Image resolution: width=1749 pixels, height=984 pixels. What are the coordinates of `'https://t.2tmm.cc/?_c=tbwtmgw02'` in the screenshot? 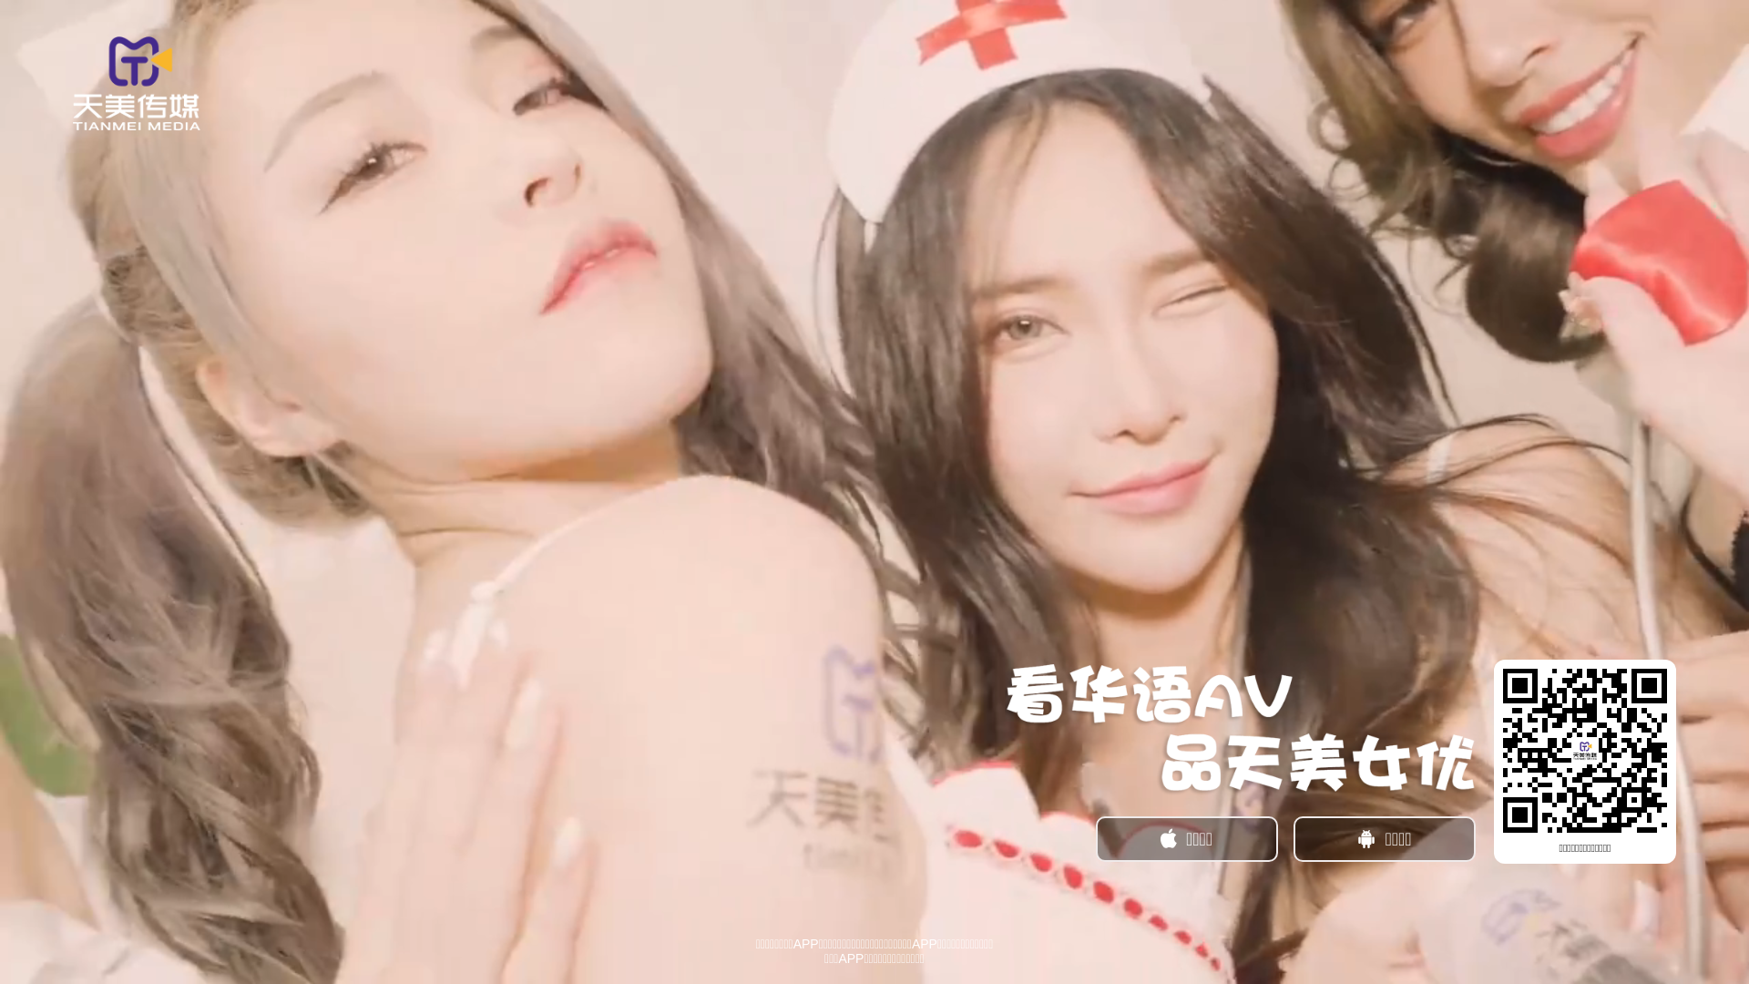 It's located at (1583, 751).